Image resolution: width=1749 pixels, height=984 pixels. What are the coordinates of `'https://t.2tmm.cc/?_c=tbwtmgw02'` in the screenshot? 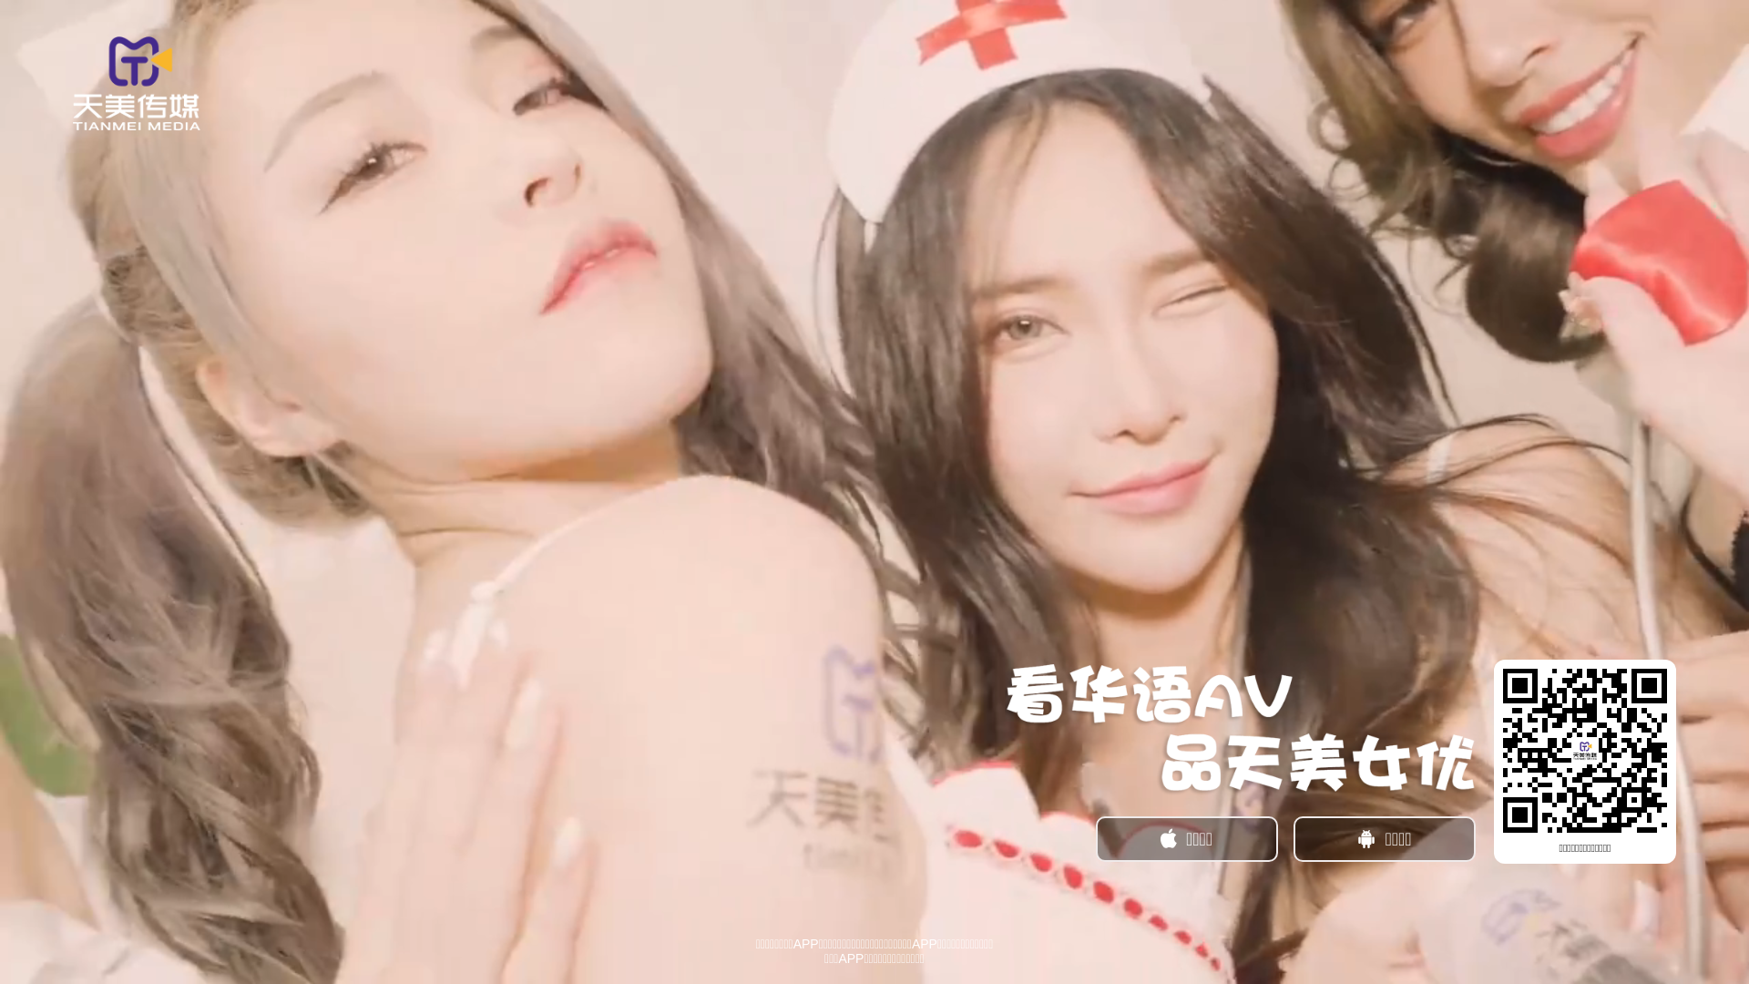 It's located at (1583, 751).